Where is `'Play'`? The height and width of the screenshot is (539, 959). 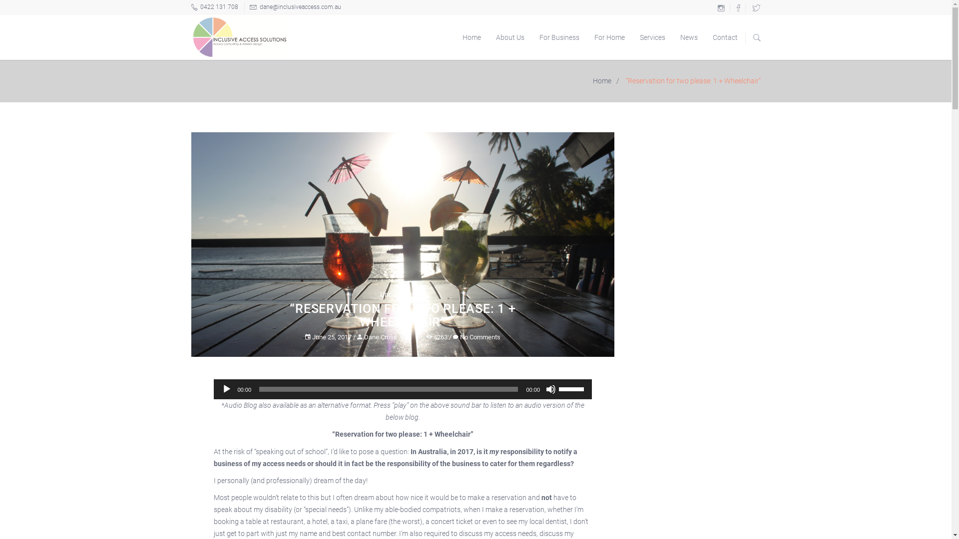 'Play' is located at coordinates (226, 388).